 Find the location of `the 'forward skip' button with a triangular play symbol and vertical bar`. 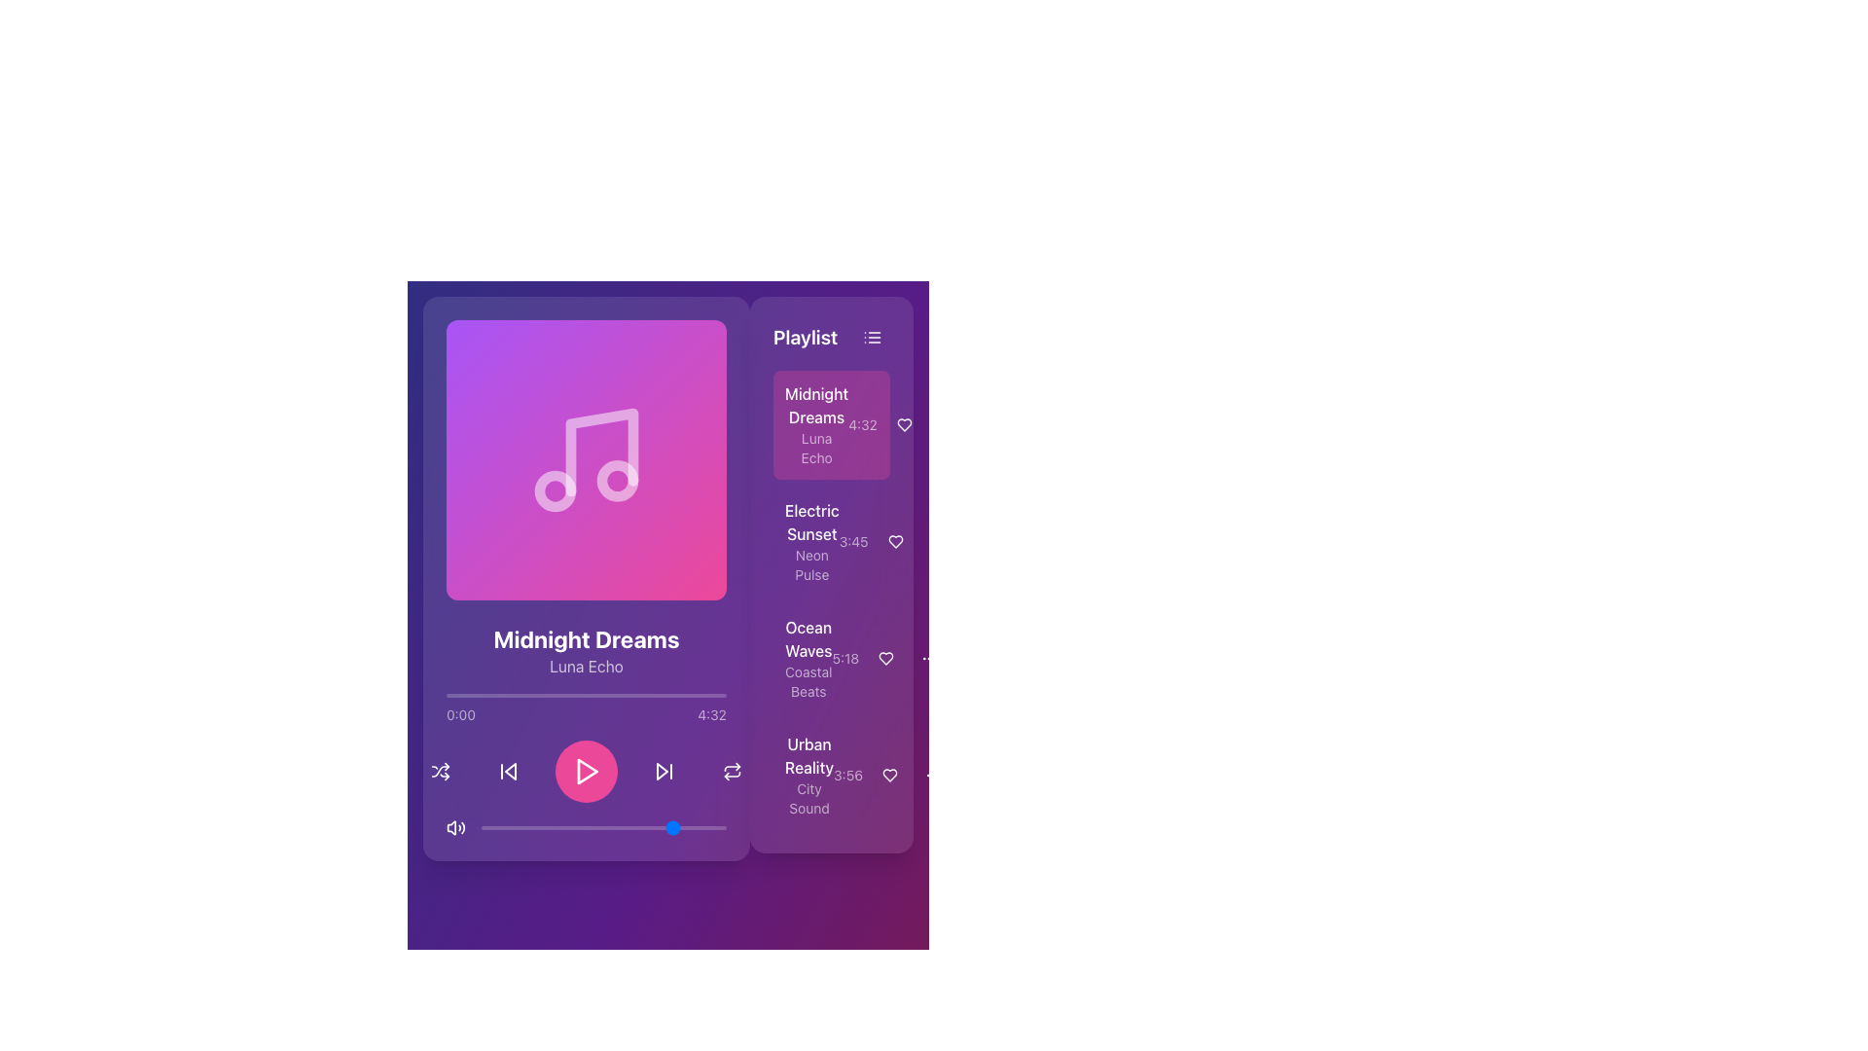

the 'forward skip' button with a triangular play symbol and vertical bar is located at coordinates (664, 771).